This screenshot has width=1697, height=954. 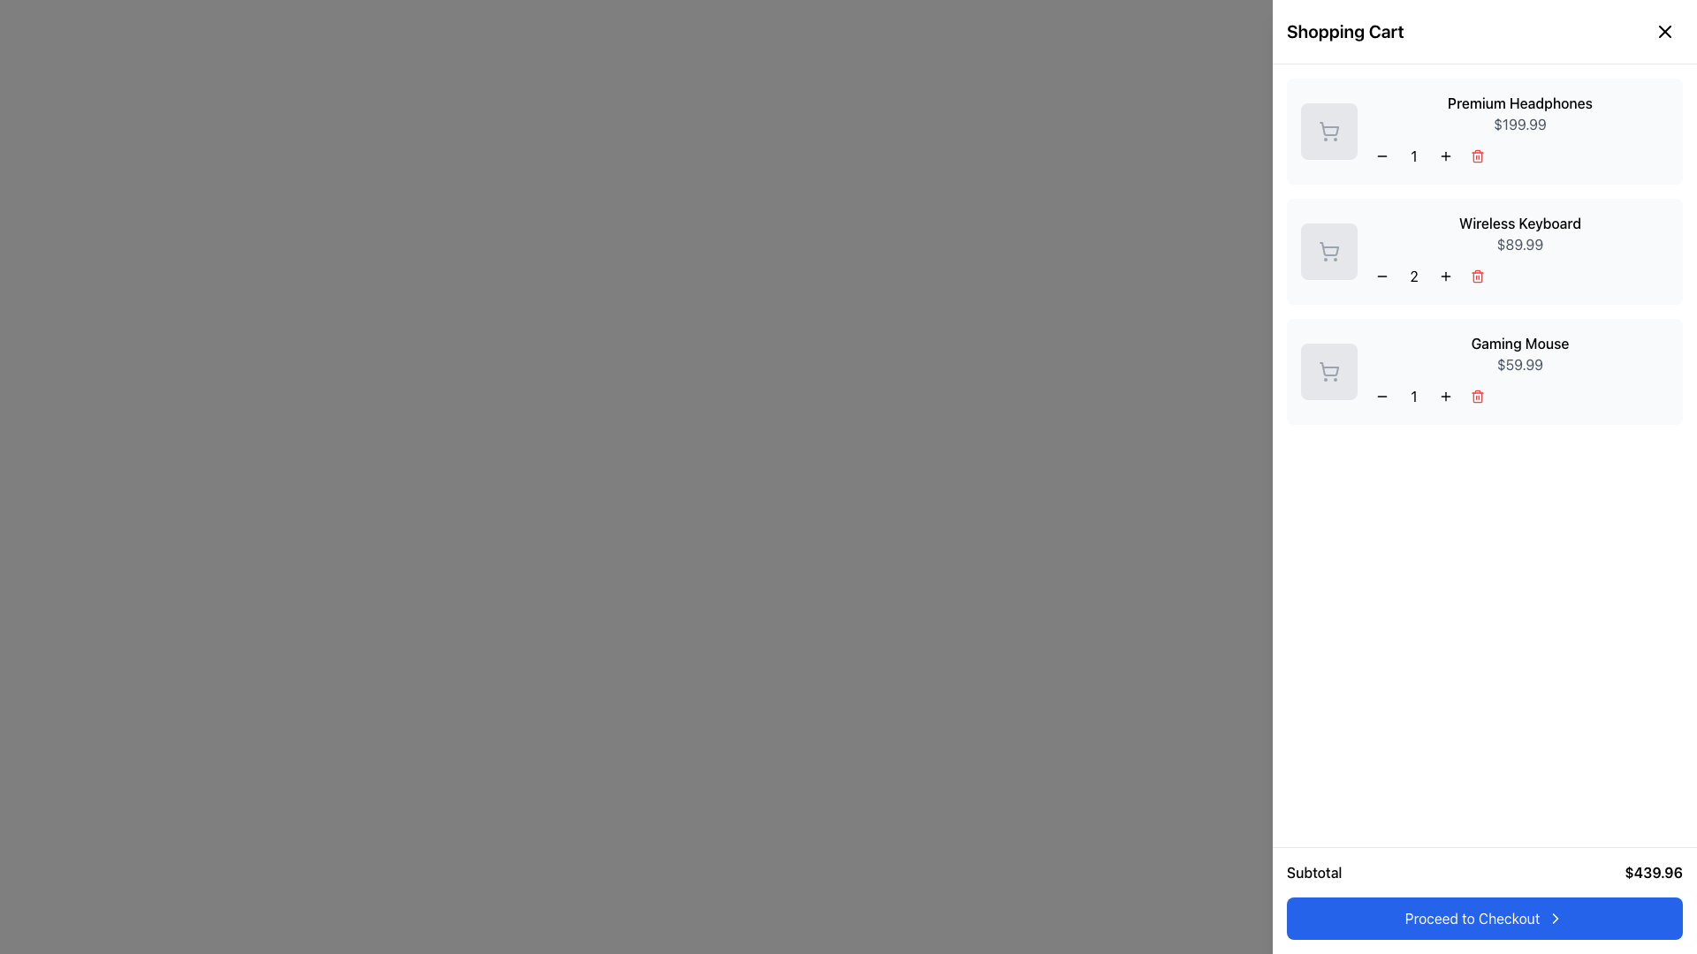 What do you see at coordinates (1329, 249) in the screenshot?
I see `the shopping cart icon, which is a gray, line-drawing style graphical representation located to the left of the 'Wireless Keyboard' entry in the shopping cart UI` at bounding box center [1329, 249].